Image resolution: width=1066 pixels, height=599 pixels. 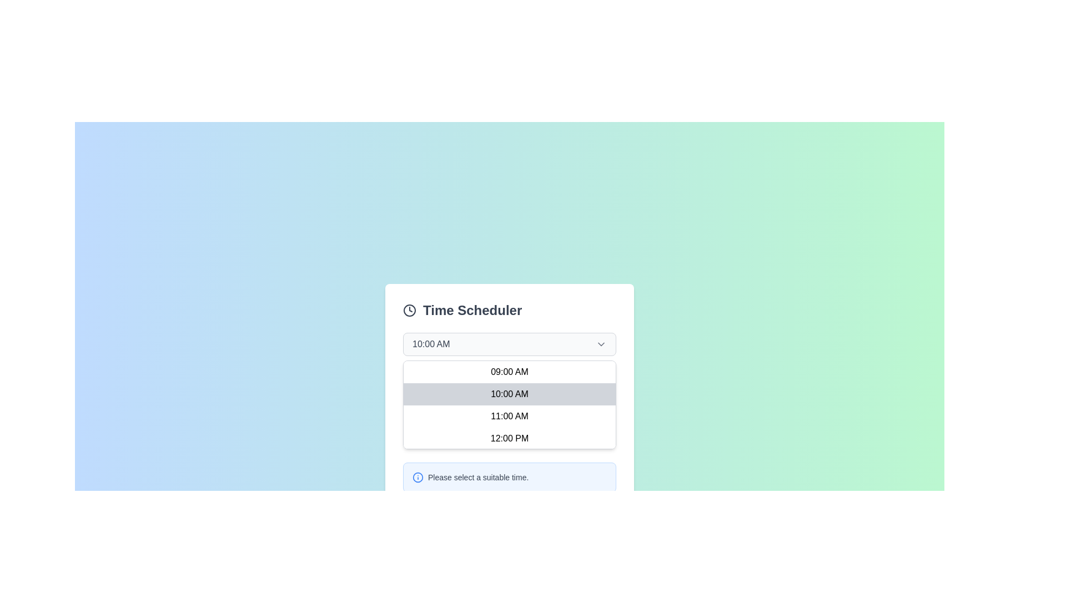 What do you see at coordinates (509, 438) in the screenshot?
I see `the selectable list item displaying '12:00 PM'` at bounding box center [509, 438].